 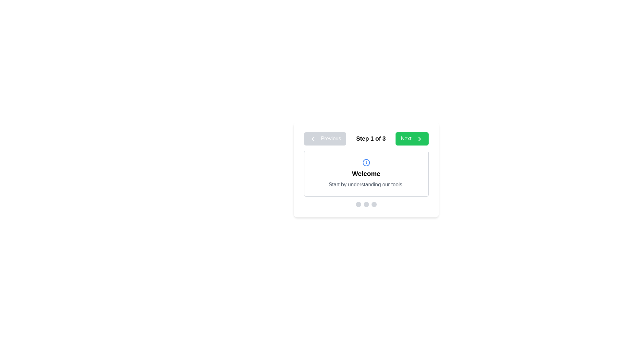 I want to click on the progress indicator with multiple circular dots that shows the current step in a three-step process, indicated by an active blue circle, so click(x=366, y=204).